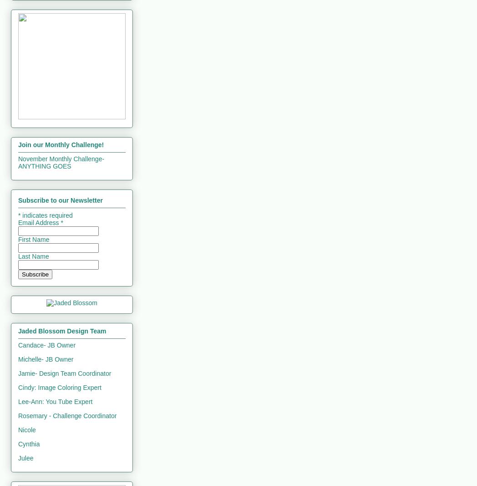 Image resolution: width=477 pixels, height=486 pixels. I want to click on 'Last Name', so click(33, 256).